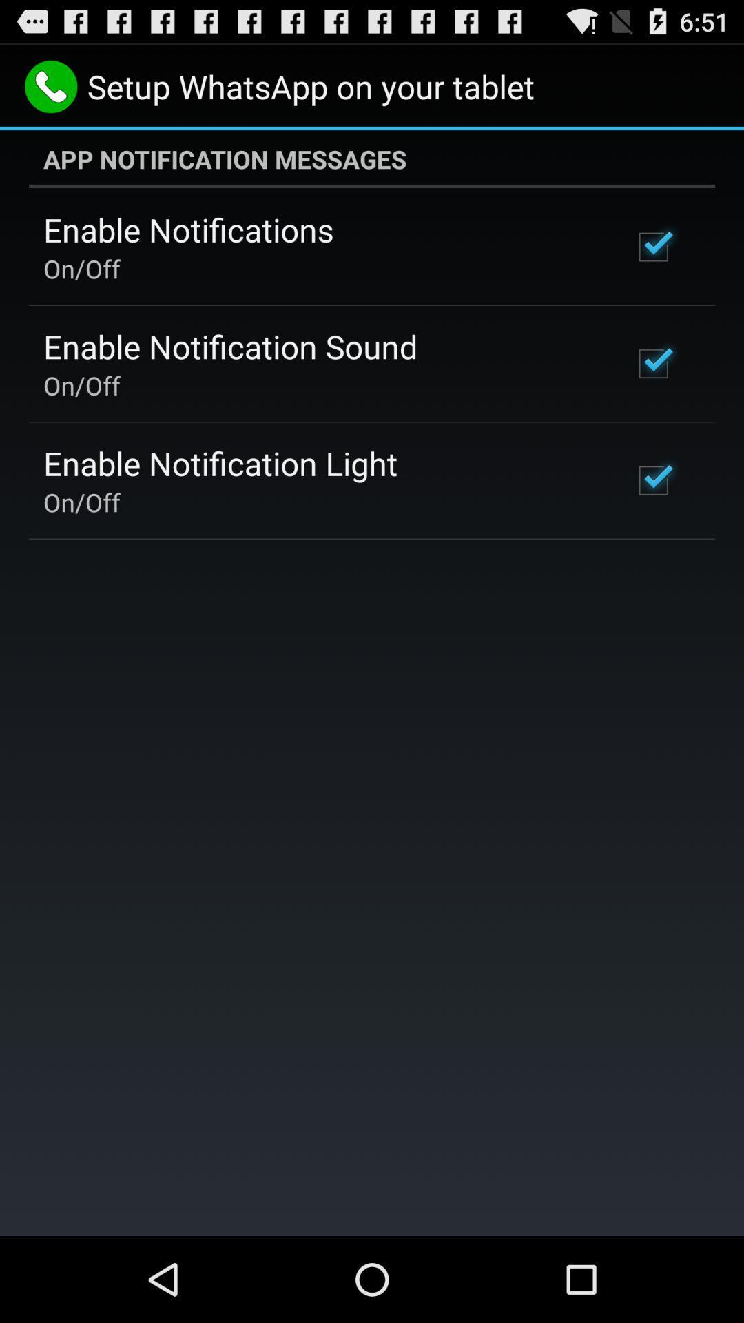 This screenshot has width=744, height=1323. What do you see at coordinates (188, 229) in the screenshot?
I see `enable notifications app` at bounding box center [188, 229].